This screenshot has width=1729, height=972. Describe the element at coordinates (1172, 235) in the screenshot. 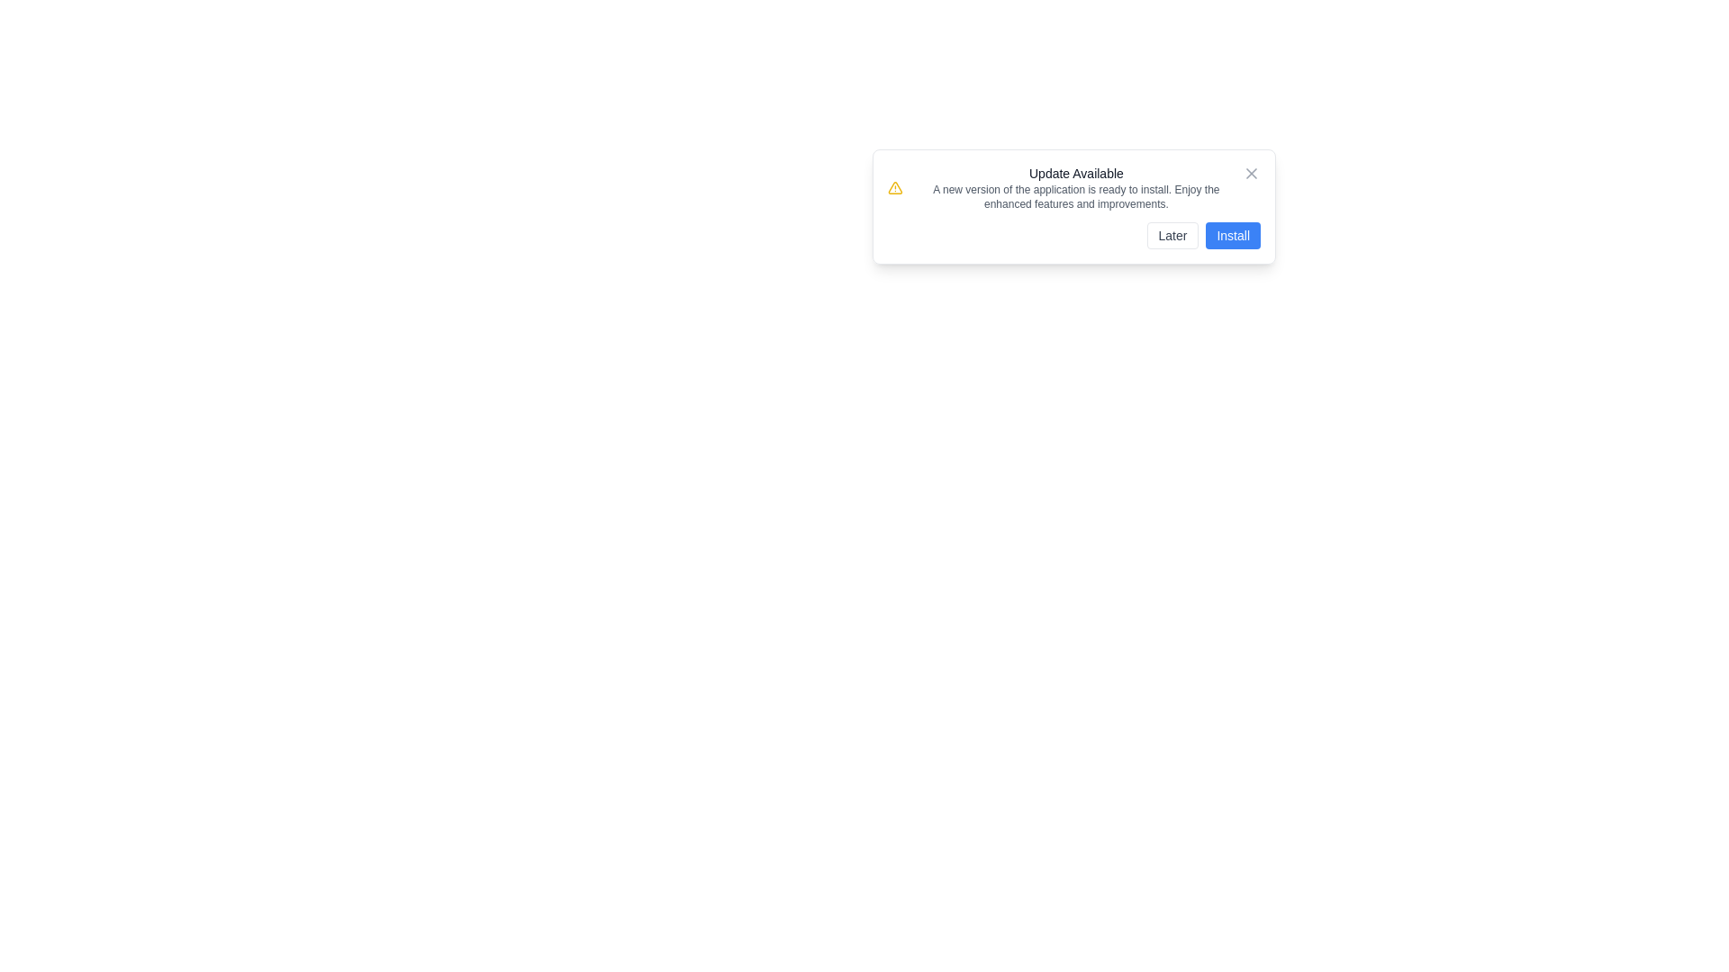

I see `the 'Later' button, which is a rectangular button with a light background and rounded corners, located at the bottom-right corner of the popup dialog` at that location.